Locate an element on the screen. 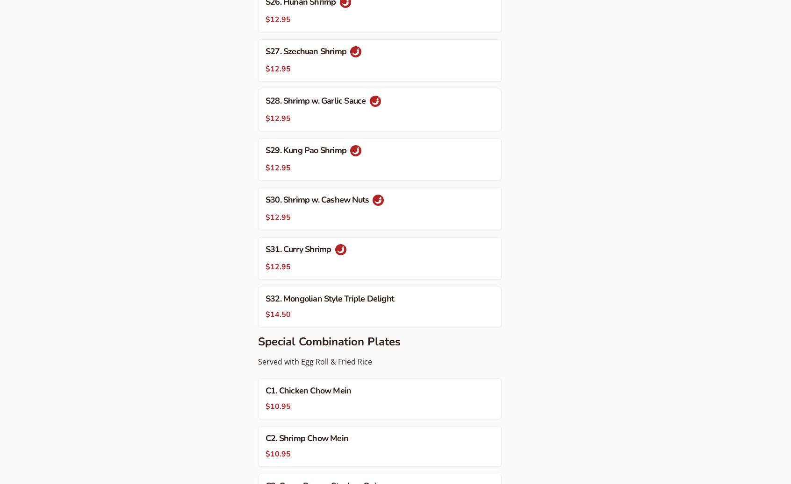 Image resolution: width=791 pixels, height=484 pixels. 'Special Combination Plates' is located at coordinates (258, 341).